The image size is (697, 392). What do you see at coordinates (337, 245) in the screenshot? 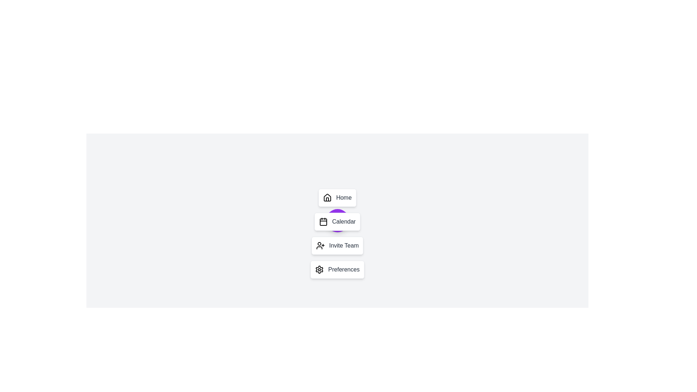
I see `the 'Invite Members' button, which is the third button in a vertical stack located below the 'Calendar' button and above the 'Preferences' button` at bounding box center [337, 245].